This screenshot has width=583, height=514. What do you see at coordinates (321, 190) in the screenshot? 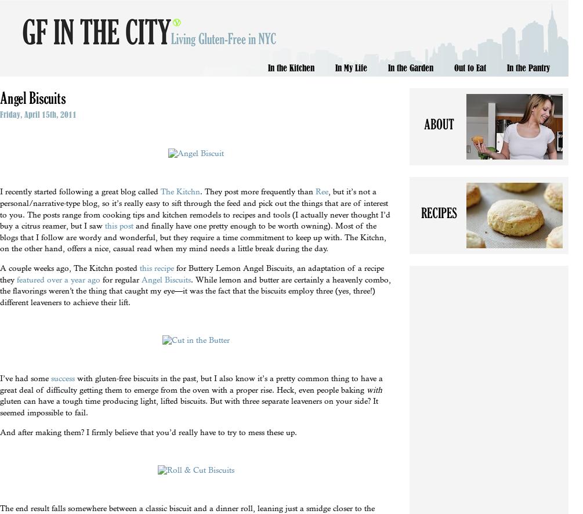
I see `'Ree'` at bounding box center [321, 190].